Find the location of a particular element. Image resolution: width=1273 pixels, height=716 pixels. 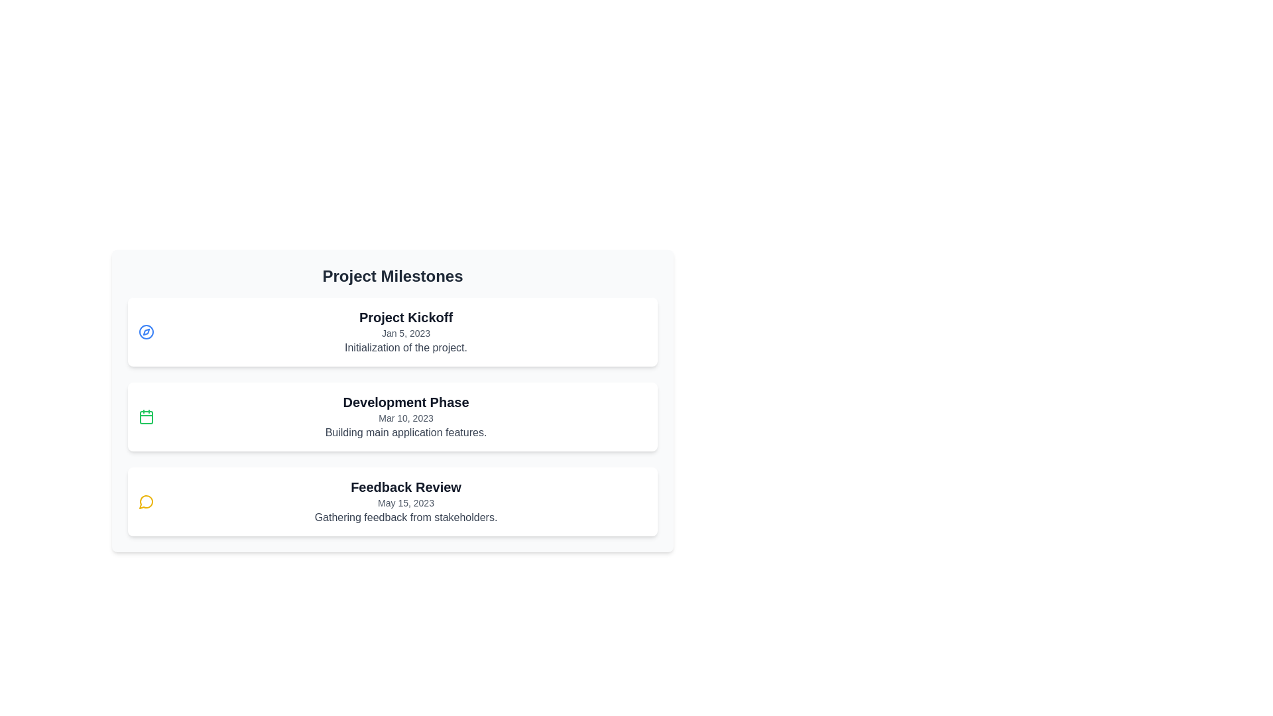

the text label displaying the date 'Mar 10, 2023' in a small gray font, located within the milestone card titled 'Development Phase' is located at coordinates (405, 418).